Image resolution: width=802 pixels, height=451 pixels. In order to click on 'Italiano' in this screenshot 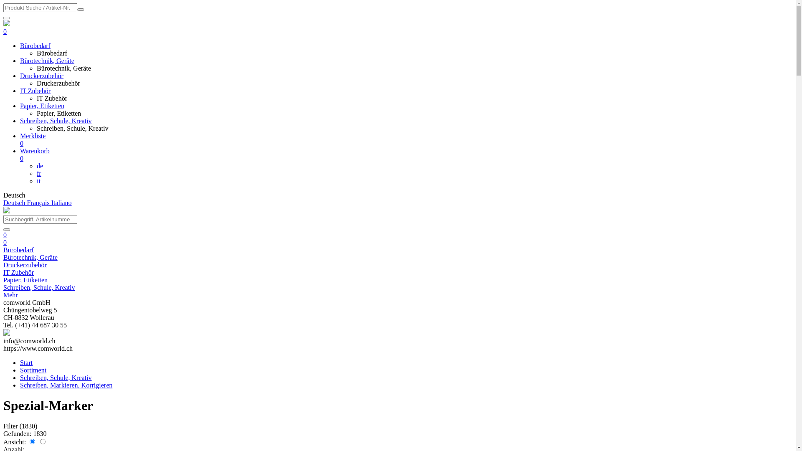, I will do `click(61, 203)`.